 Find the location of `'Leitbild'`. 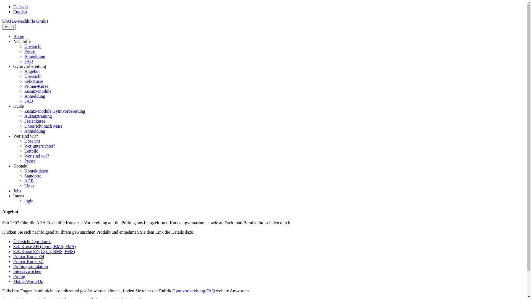

'Leitbild' is located at coordinates (31, 151).